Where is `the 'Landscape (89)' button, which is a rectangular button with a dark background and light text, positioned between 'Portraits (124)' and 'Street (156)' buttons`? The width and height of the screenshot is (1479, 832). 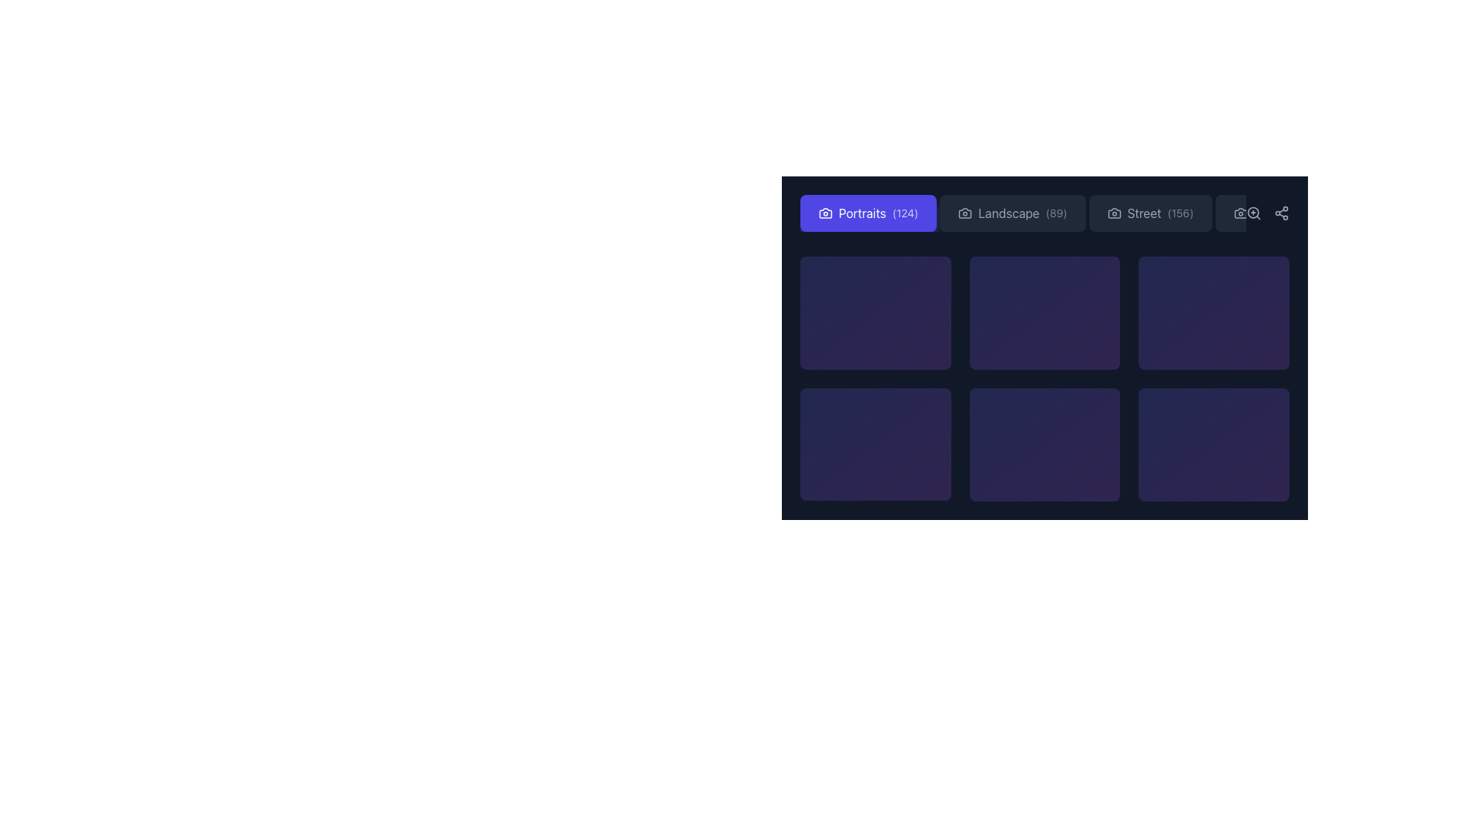
the 'Landscape (89)' button, which is a rectangular button with a dark background and light text, positioned between 'Portraits (124)' and 'Street (156)' buttons is located at coordinates (1045, 213).